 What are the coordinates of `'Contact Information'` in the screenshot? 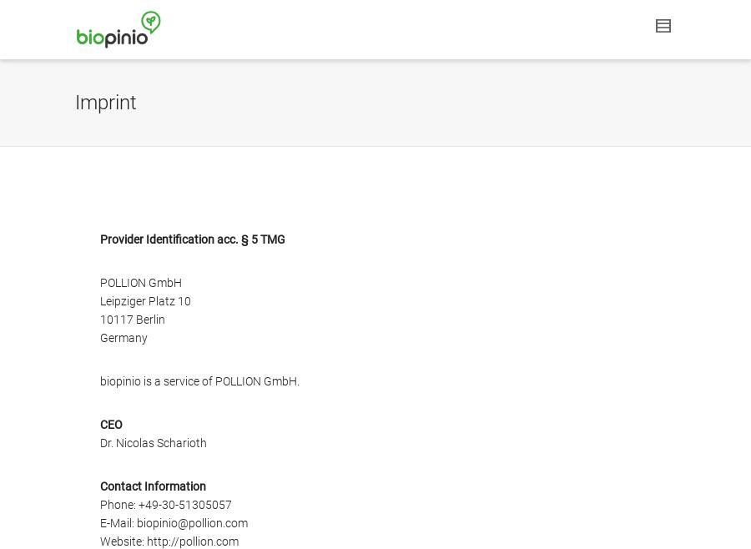 It's located at (153, 486).